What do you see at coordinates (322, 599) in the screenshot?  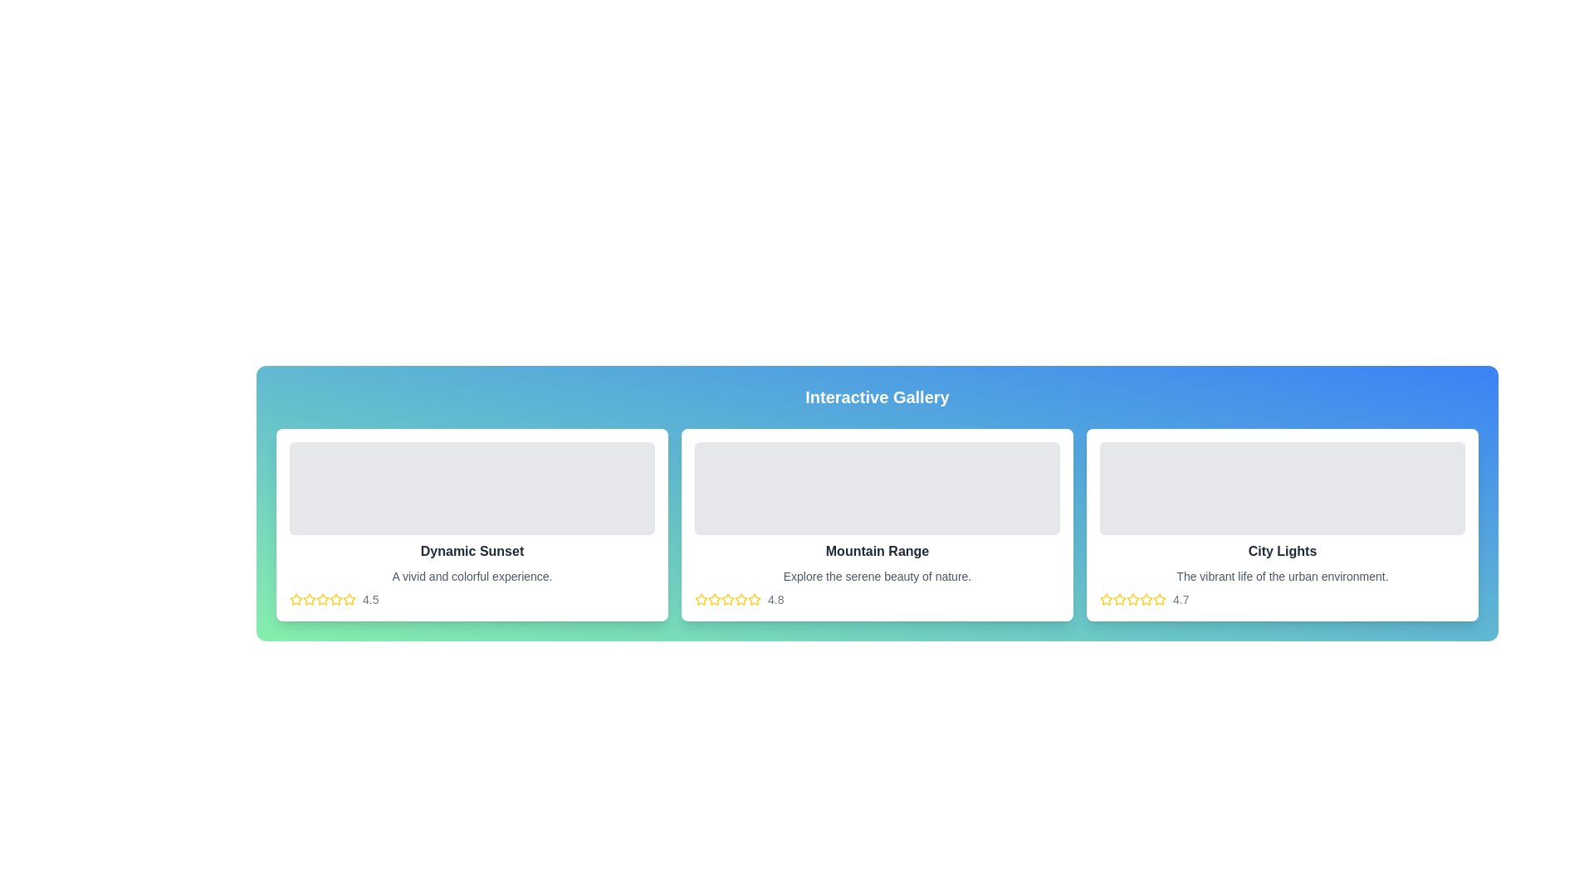 I see `the second star-shaped rating icon in the rating area underneath the 'Dynamic Sunset' card to interact with it` at bounding box center [322, 599].